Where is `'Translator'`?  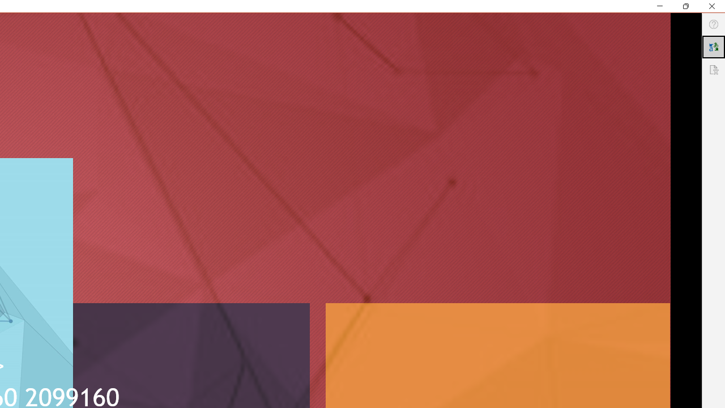 'Translator' is located at coordinates (713, 46).